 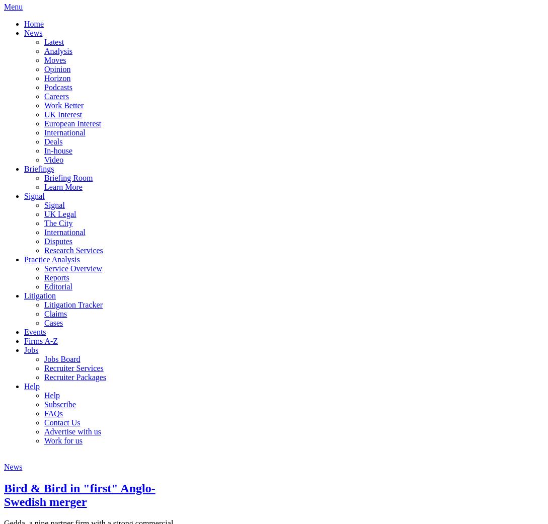 What do you see at coordinates (53, 413) in the screenshot?
I see `'FAQs'` at bounding box center [53, 413].